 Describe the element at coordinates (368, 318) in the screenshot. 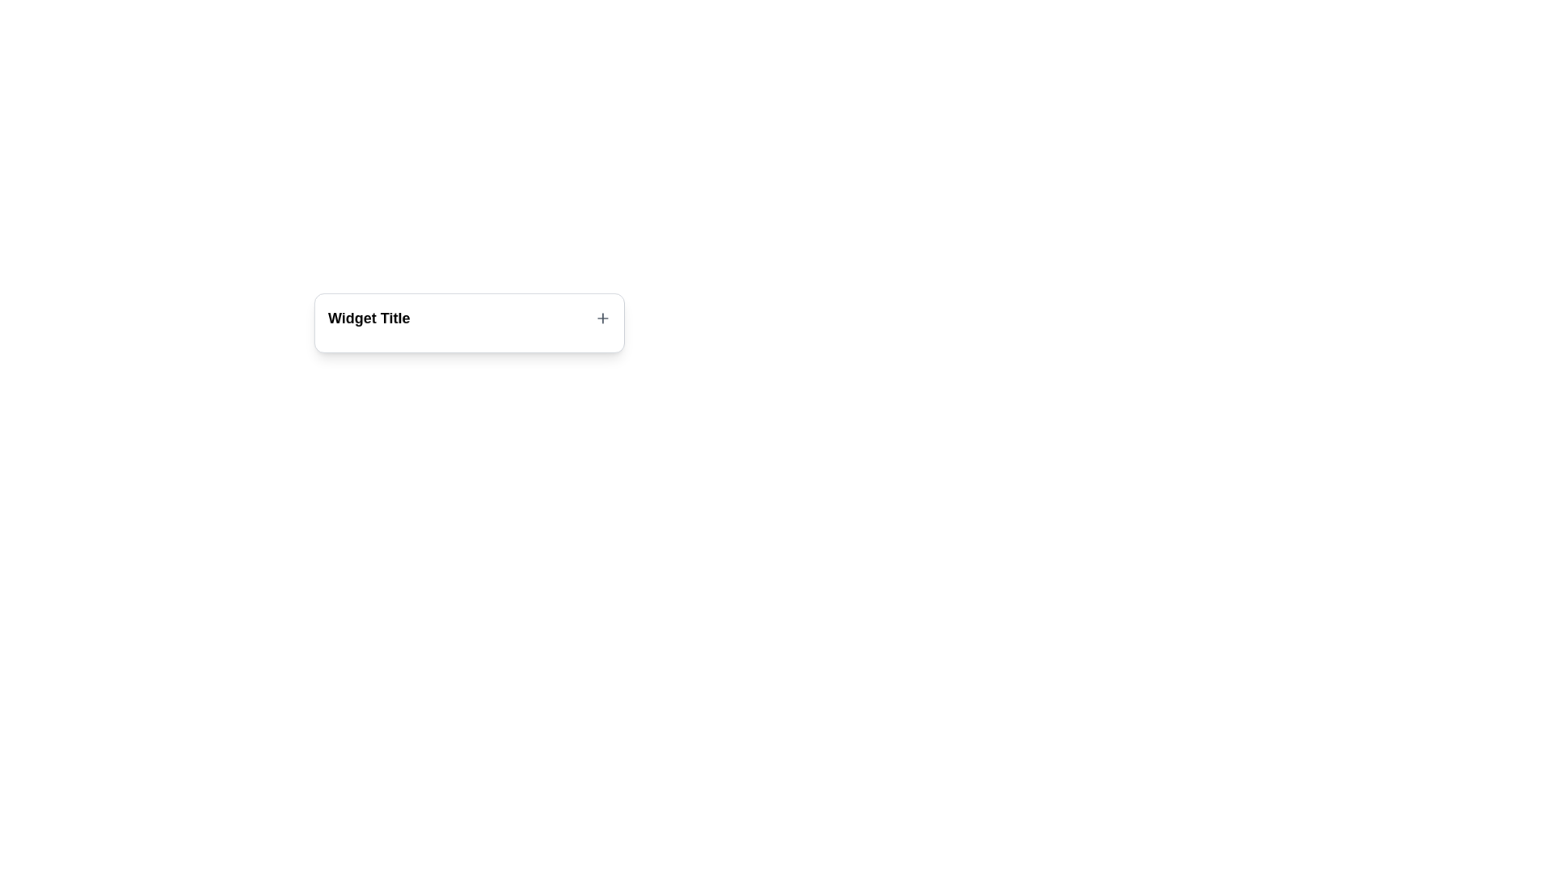

I see `the text label that serves as the title or heading of the widget for accessibility purposes` at that location.